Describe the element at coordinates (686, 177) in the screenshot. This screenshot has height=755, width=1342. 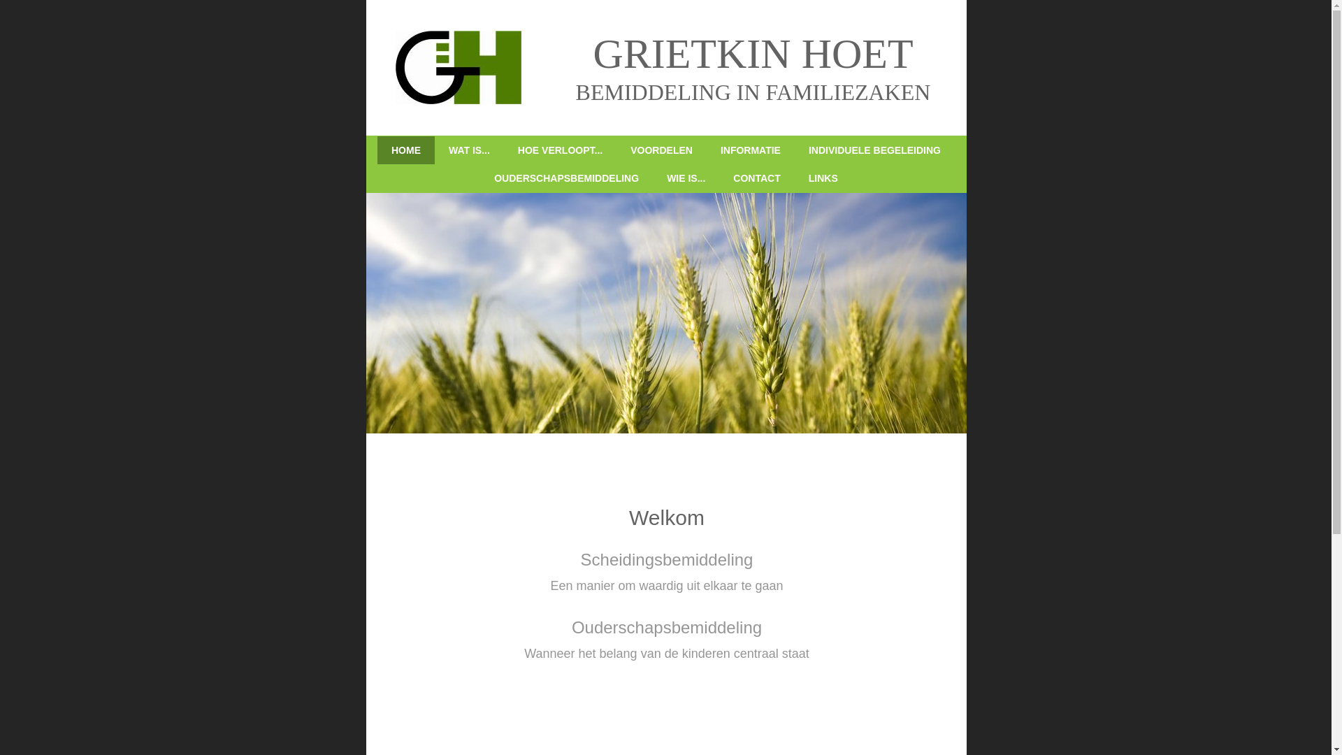
I see `'WIE IS...'` at that location.